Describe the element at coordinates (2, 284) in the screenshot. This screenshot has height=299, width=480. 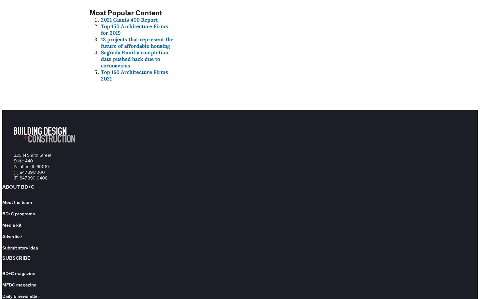
I see `'MFDC magazine'` at that location.